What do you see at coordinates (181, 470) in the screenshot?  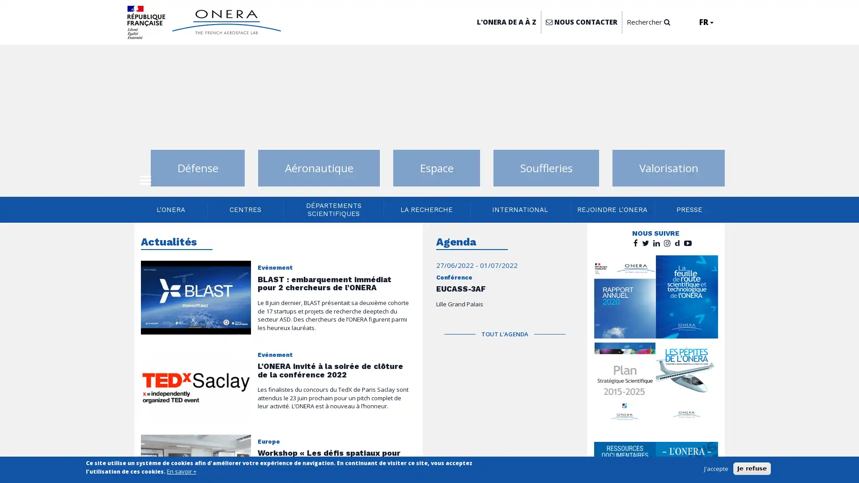 I see `En savoir +` at bounding box center [181, 470].